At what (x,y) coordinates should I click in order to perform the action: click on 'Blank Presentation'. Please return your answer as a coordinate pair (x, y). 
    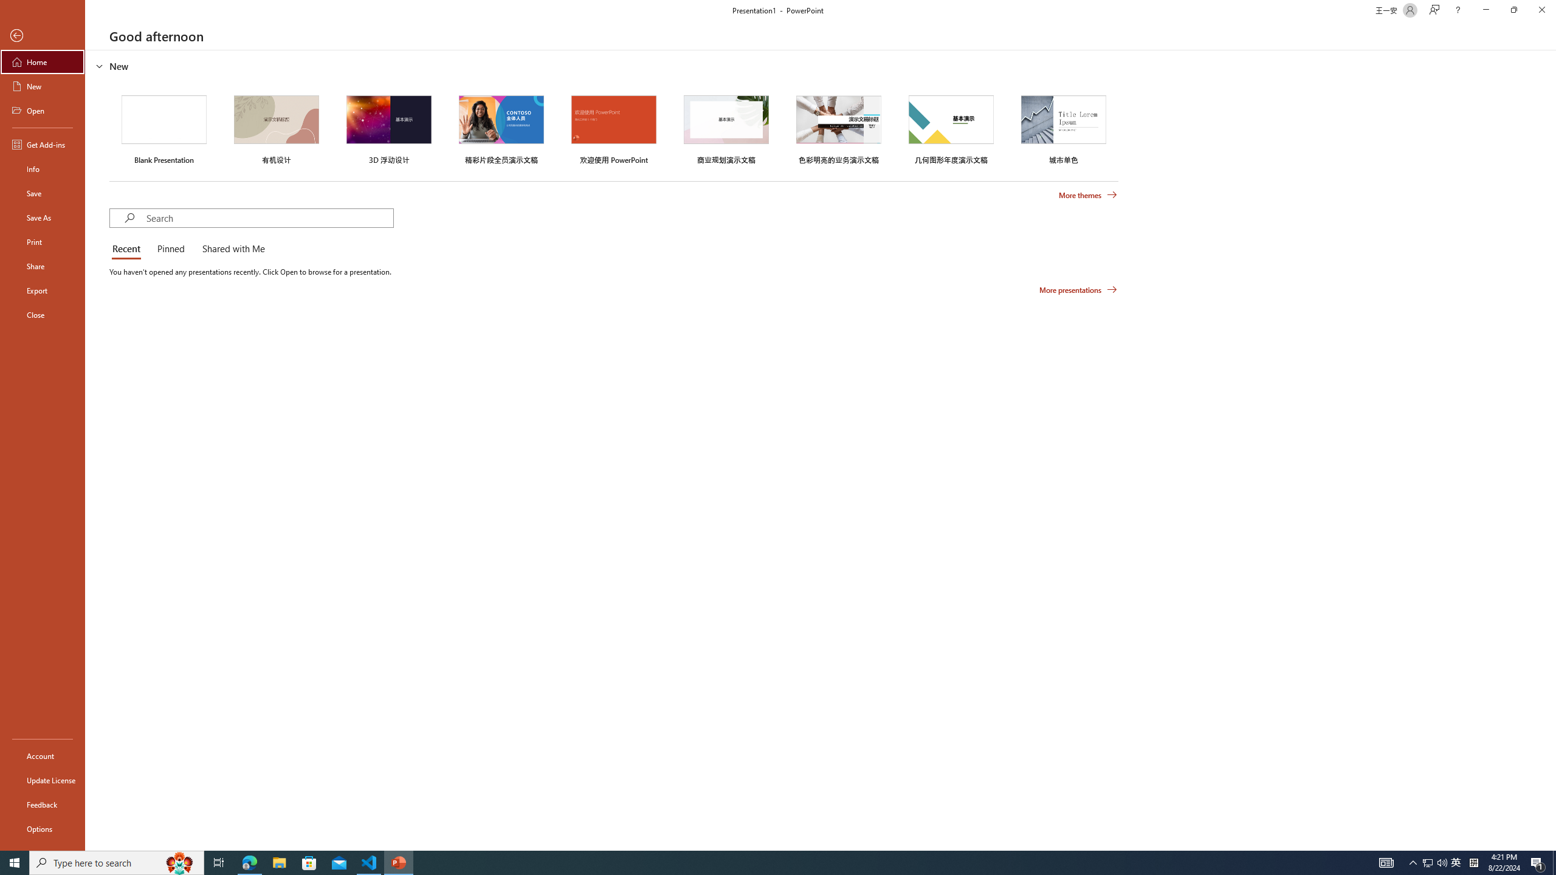
    Looking at the image, I should click on (164, 128).